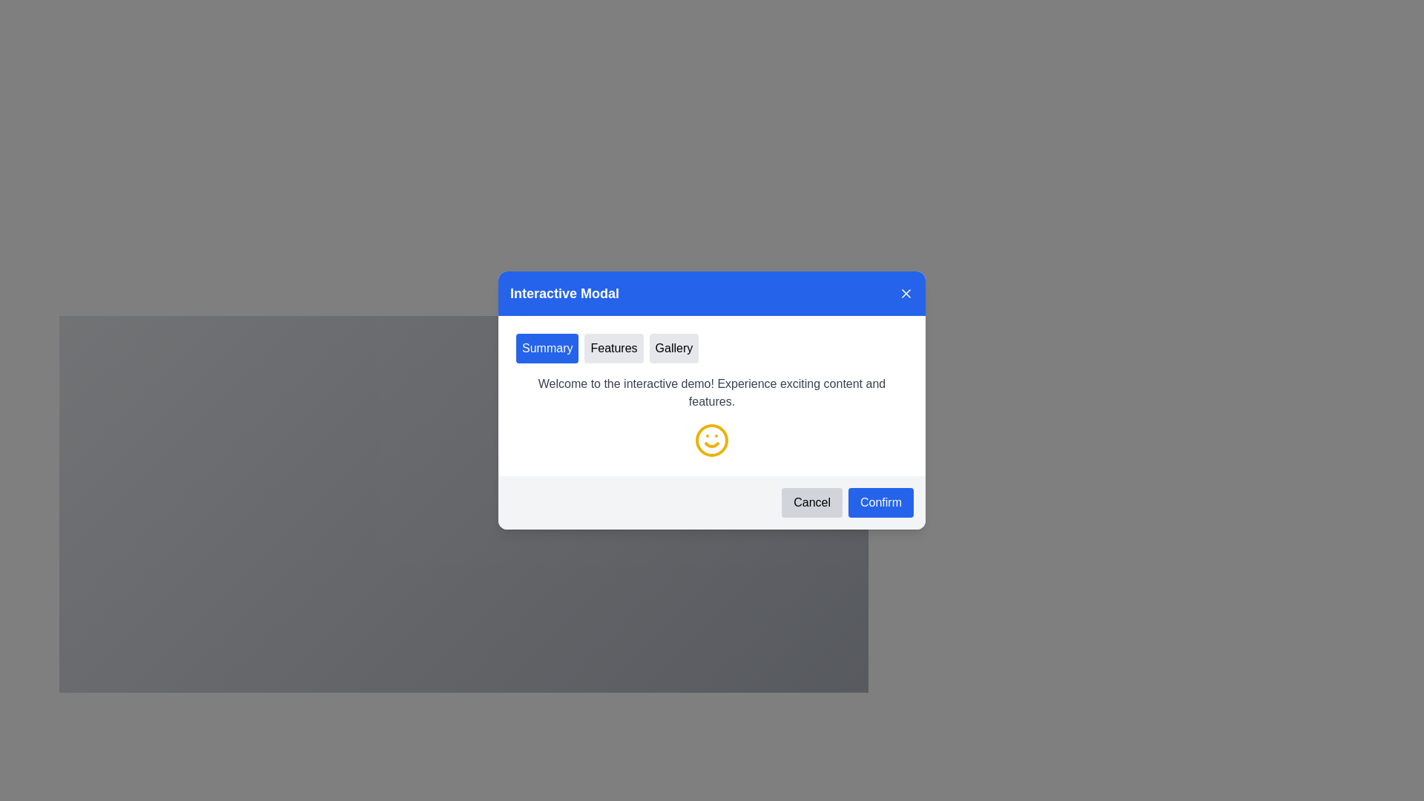 This screenshot has height=801, width=1424. I want to click on the circular border of the smiley face icon within the SVG graphic that is styled with a yellow color, so click(712, 440).